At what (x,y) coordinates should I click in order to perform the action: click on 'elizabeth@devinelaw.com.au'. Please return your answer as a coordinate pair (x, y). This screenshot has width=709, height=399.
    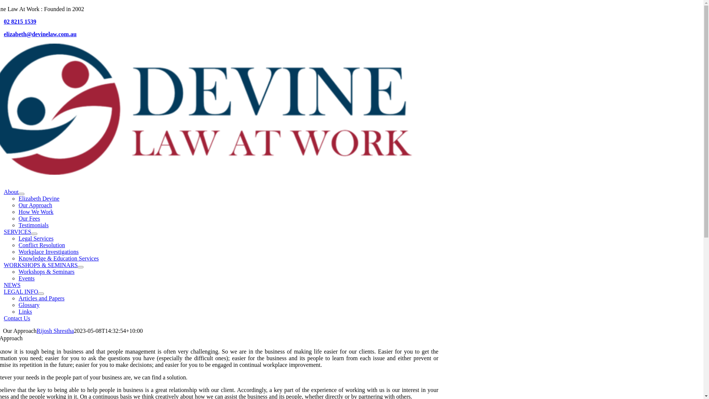
    Looking at the image, I should click on (40, 34).